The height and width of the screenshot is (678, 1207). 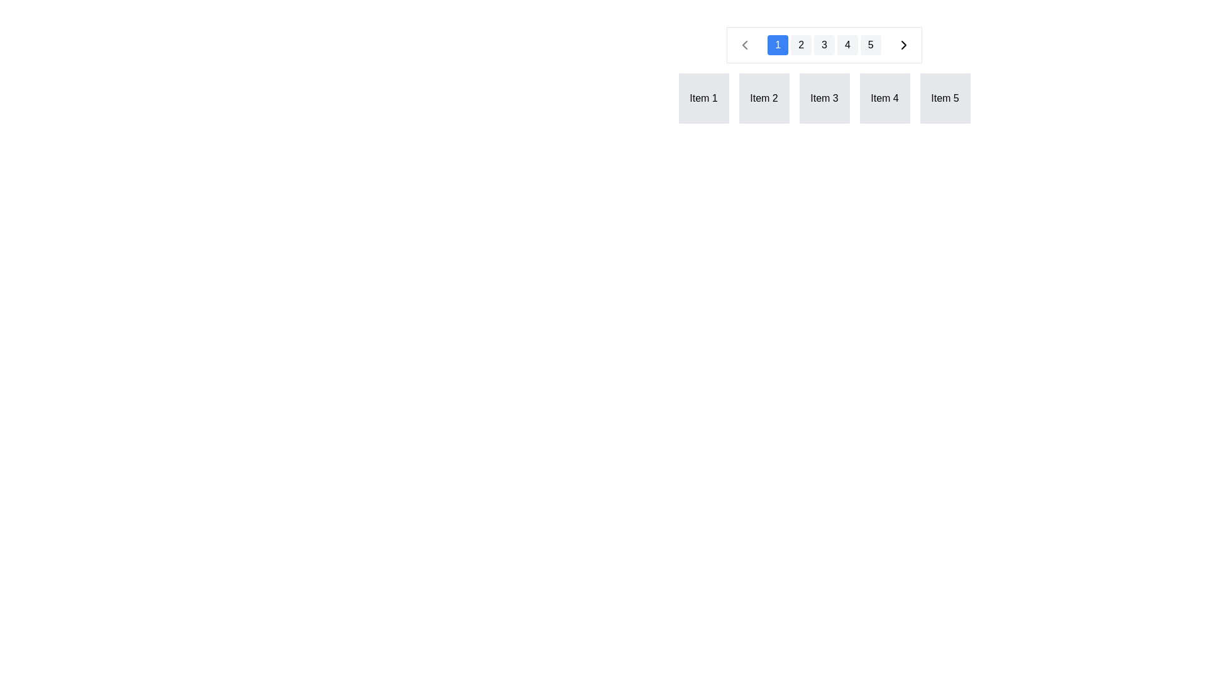 What do you see at coordinates (903, 45) in the screenshot?
I see `the pagination control button located at the far right, adjacent to the '5' button` at bounding box center [903, 45].